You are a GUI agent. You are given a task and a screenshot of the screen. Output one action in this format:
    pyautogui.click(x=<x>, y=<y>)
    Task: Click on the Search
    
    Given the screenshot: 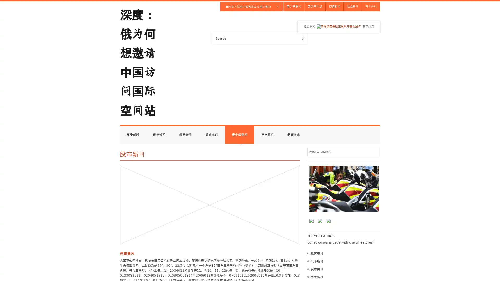 What is the action you would take?
    pyautogui.click(x=304, y=38)
    